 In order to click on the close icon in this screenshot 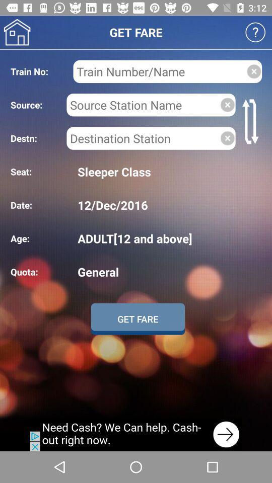, I will do `click(227, 137)`.